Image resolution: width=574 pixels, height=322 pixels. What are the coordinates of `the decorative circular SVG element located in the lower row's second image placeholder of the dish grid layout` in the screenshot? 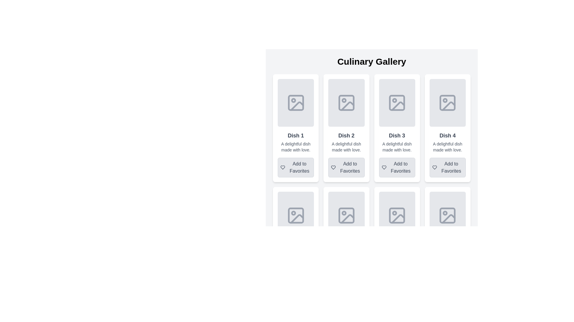 It's located at (344, 213).